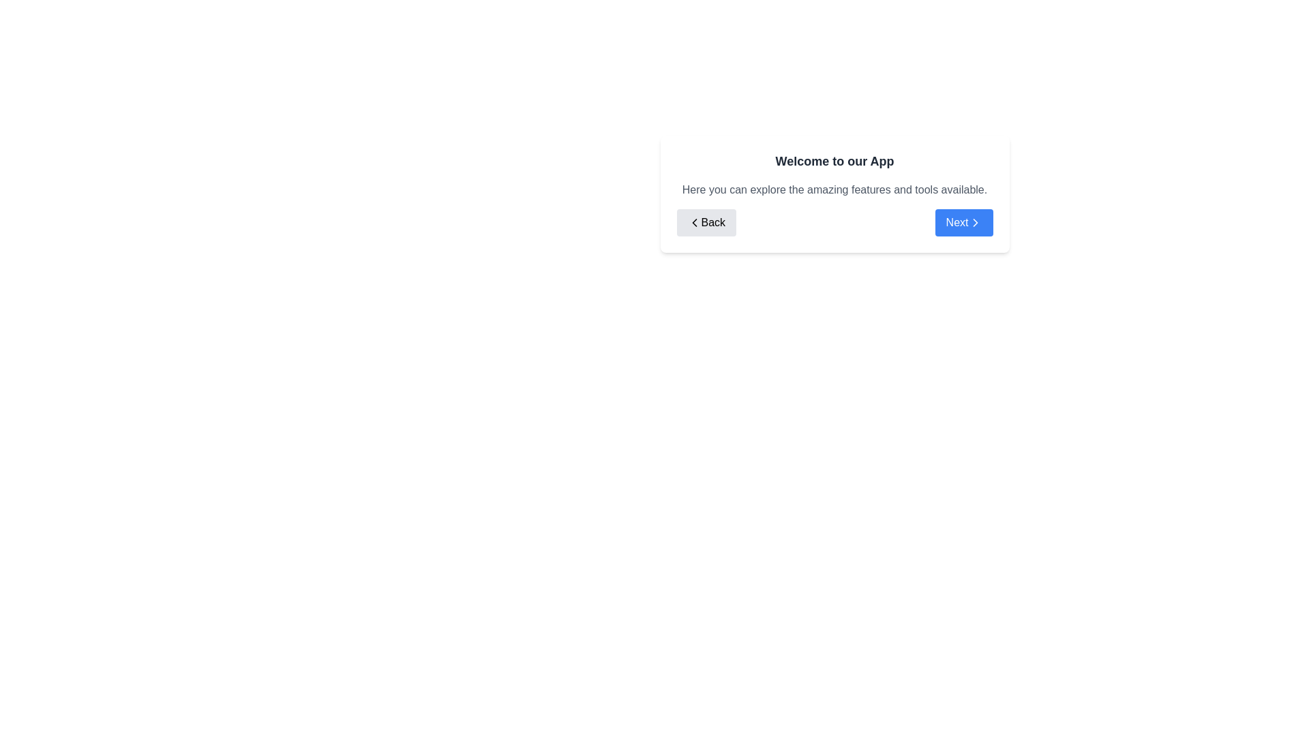 The height and width of the screenshot is (736, 1309). I want to click on the 'Back' button, which is a rectangular button with rounded corners and a light gray background, so click(706, 222).